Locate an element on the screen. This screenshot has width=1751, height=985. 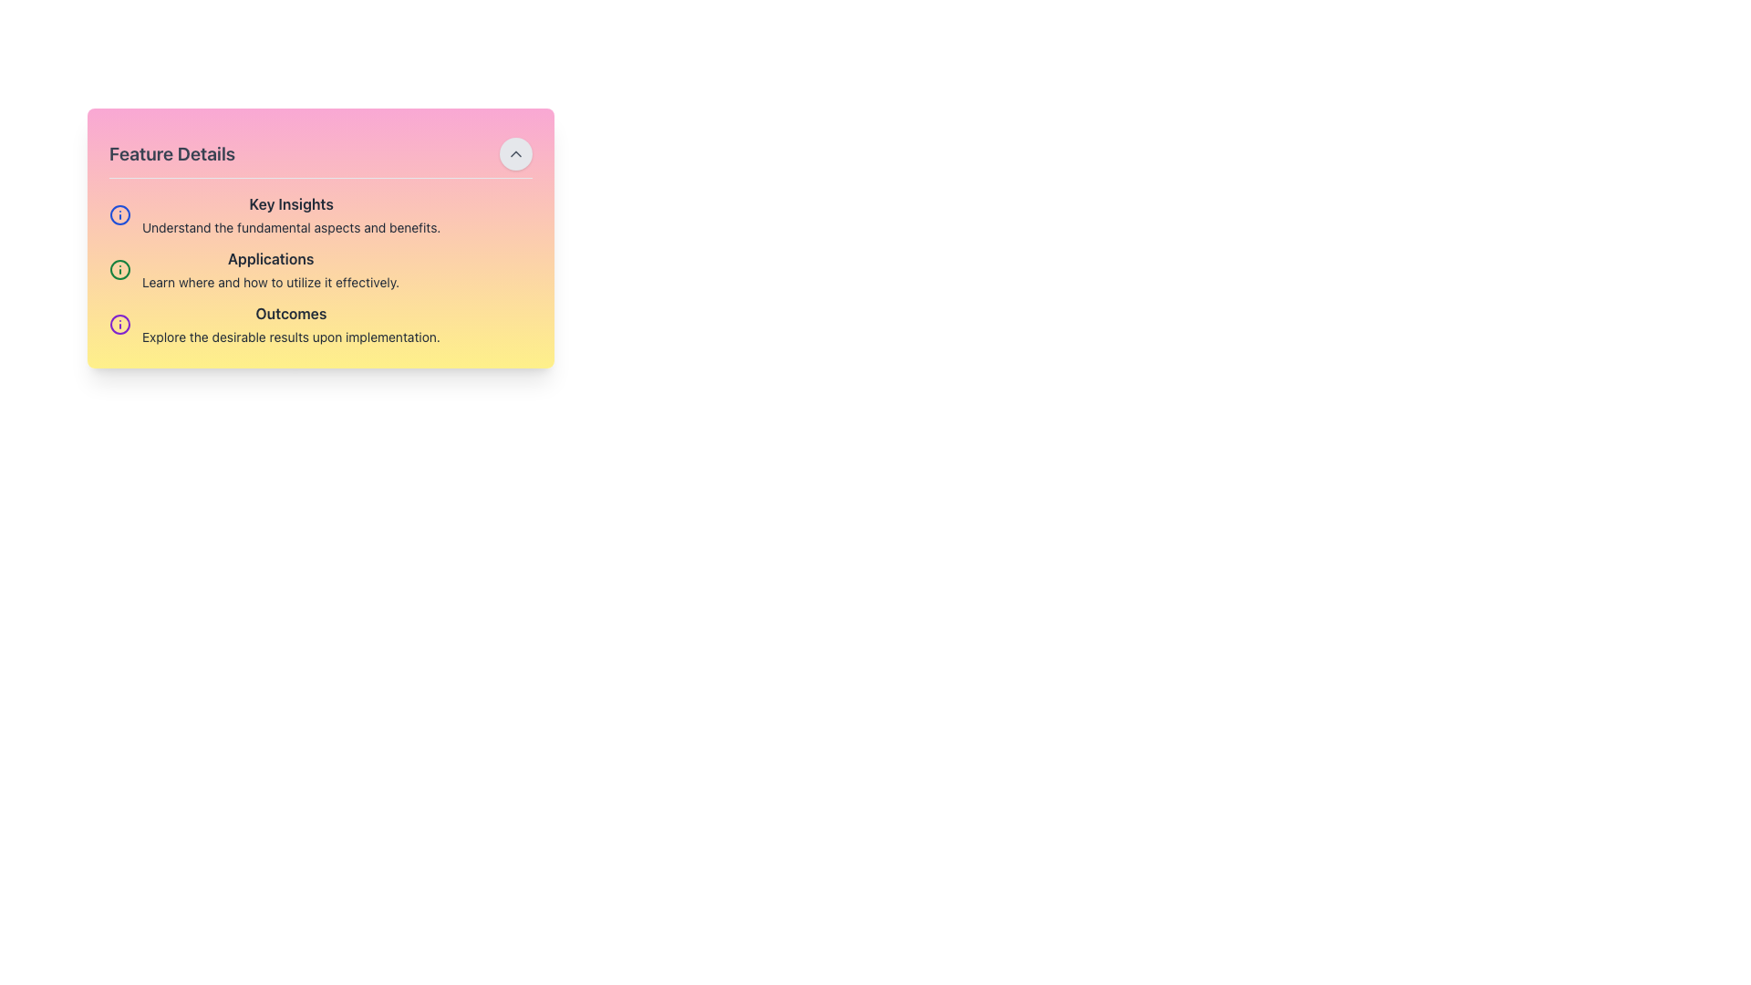
the chevron icon located at the top right of the circular button is located at coordinates (515, 153).